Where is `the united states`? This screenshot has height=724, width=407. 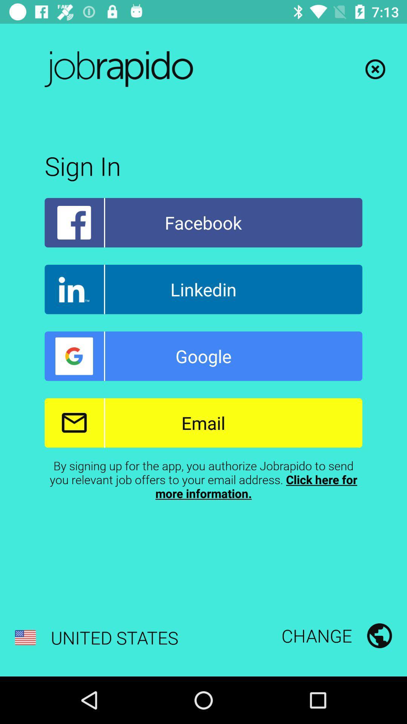 the united states is located at coordinates (96, 637).